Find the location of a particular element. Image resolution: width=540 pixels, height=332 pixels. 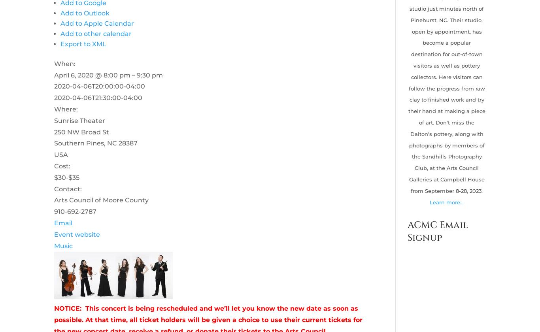

'$30-$35' is located at coordinates (66, 177).